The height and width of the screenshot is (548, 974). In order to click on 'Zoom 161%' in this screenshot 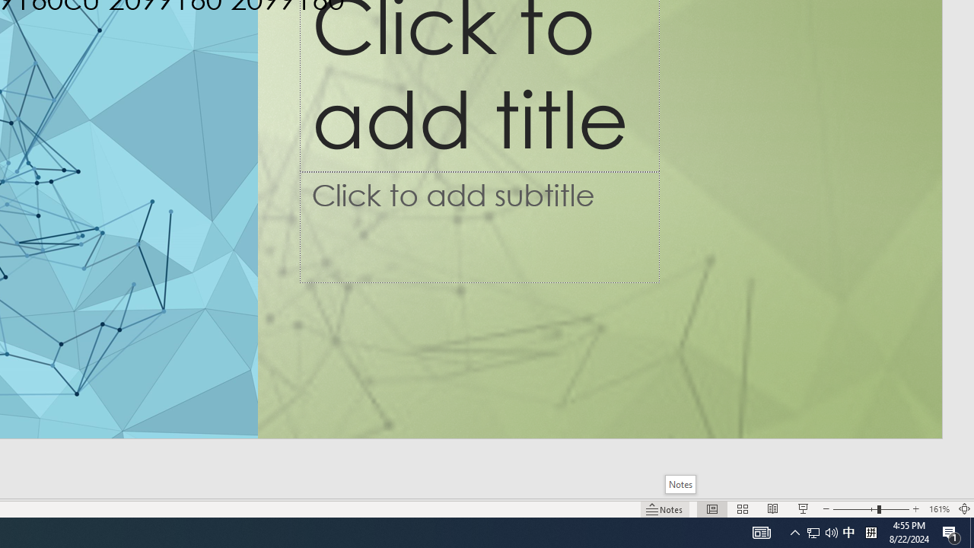, I will do `click(938, 509)`.